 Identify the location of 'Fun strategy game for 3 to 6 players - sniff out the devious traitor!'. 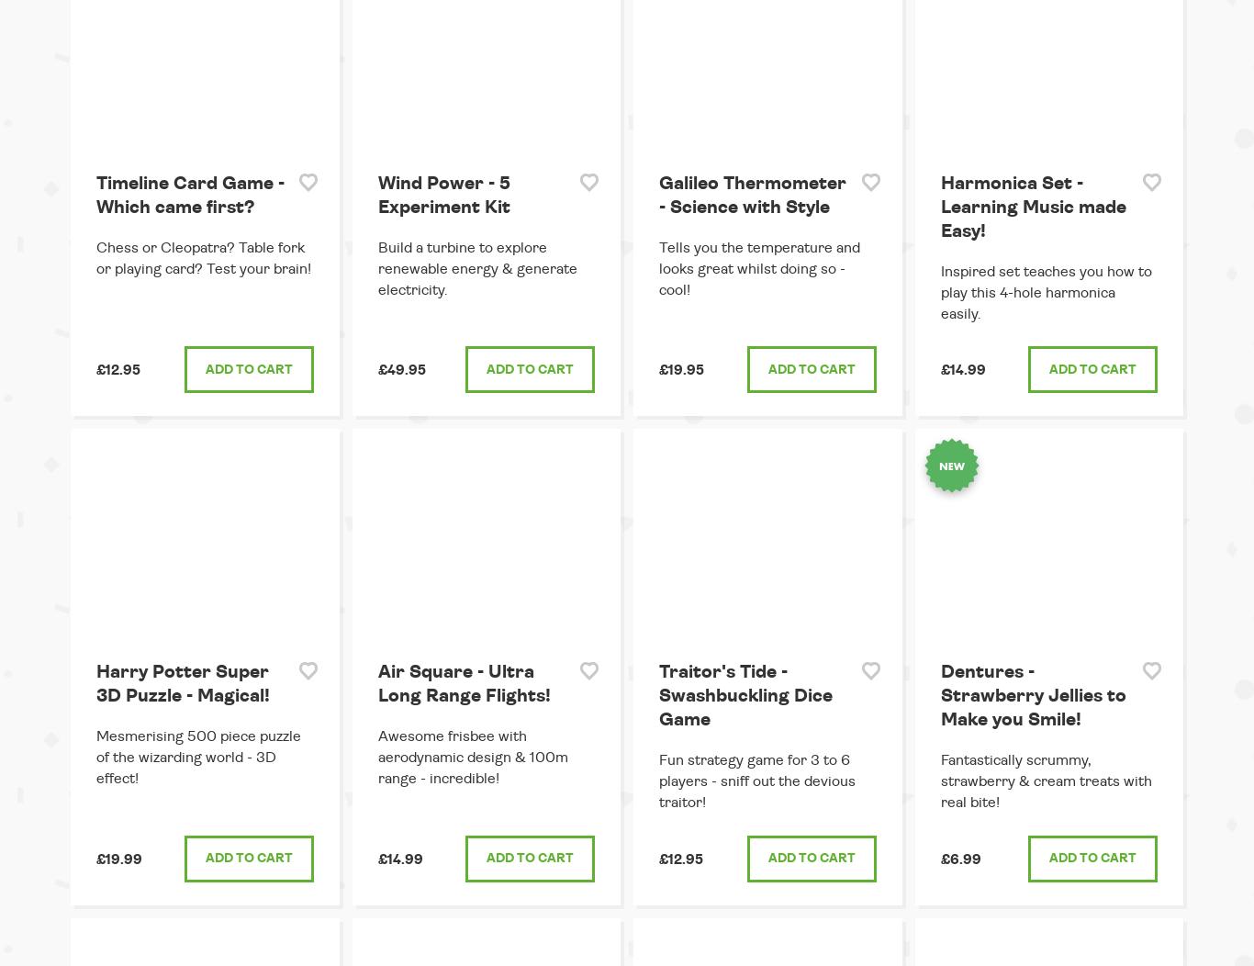
(658, 780).